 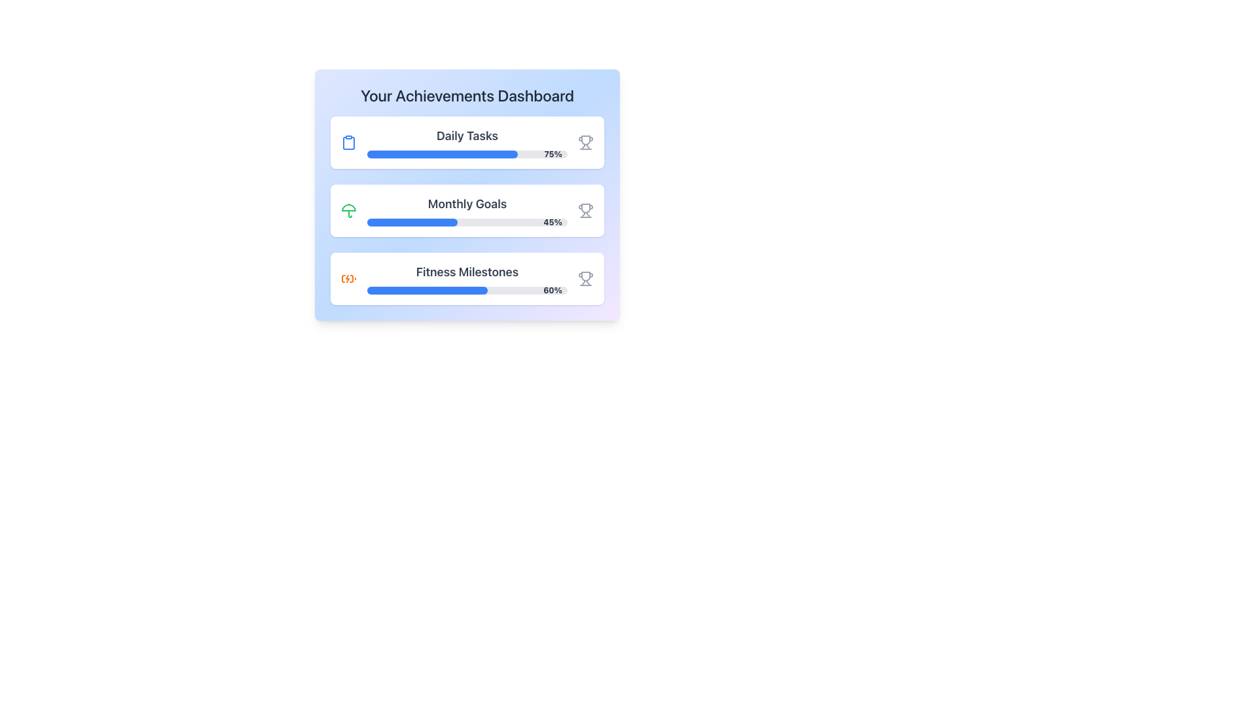 What do you see at coordinates (467, 278) in the screenshot?
I see `displayed progress from the fitness milestone progress tracker, which is represented by the progress bar and its accompanying label and percentage indicator` at bounding box center [467, 278].